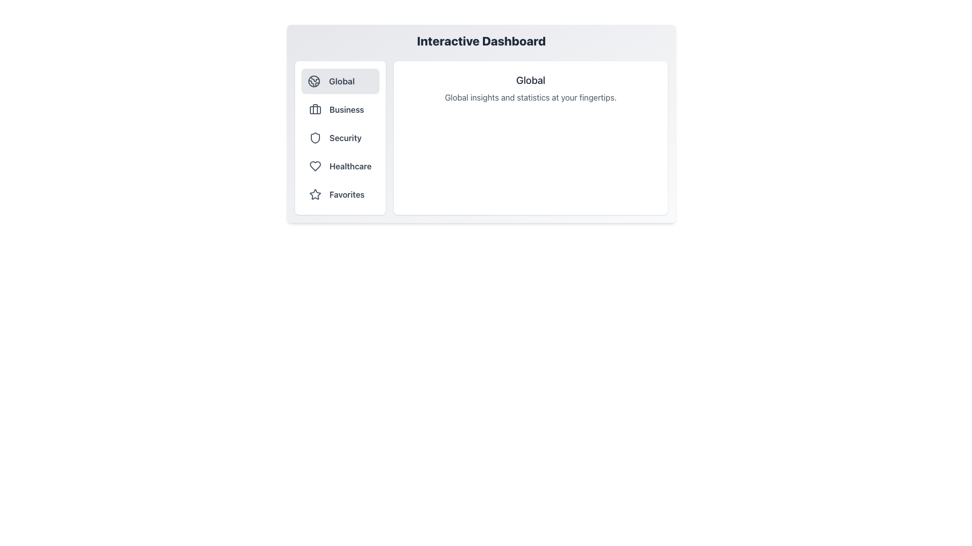 Image resolution: width=972 pixels, height=546 pixels. I want to click on the 'Favorites' Text Label in the sidebar menu, so click(347, 195).